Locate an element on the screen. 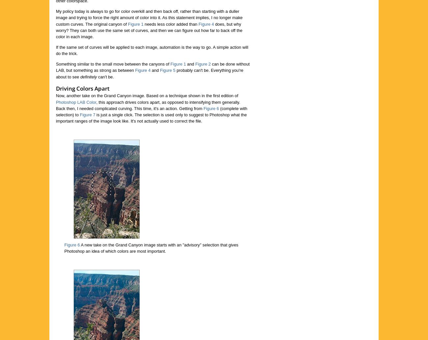  'Figure 5' is located at coordinates (167, 70).